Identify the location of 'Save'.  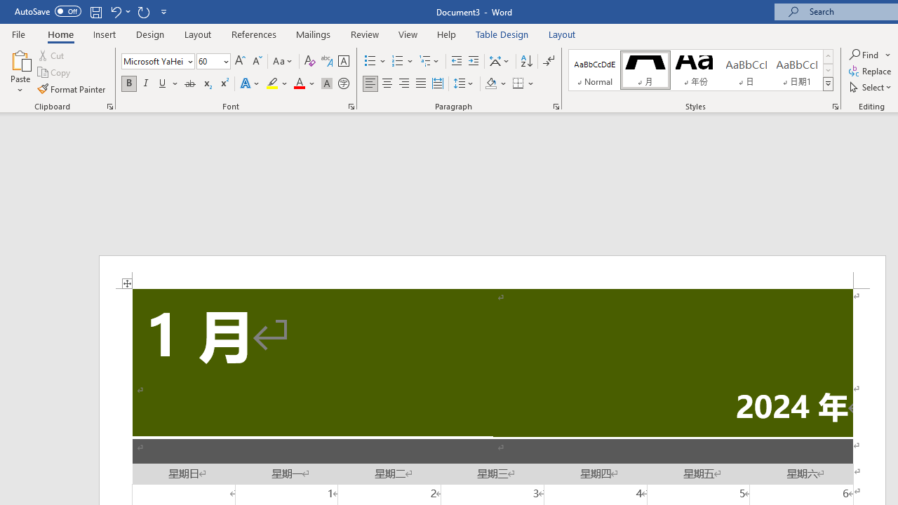
(95, 11).